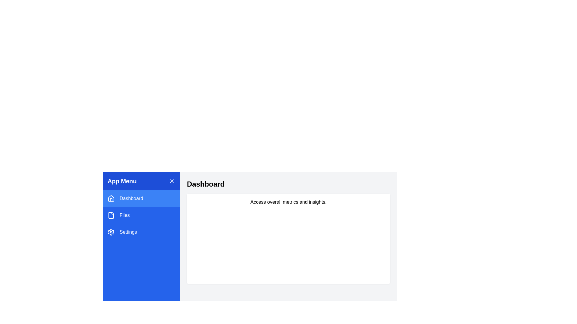  Describe the element at coordinates (141, 232) in the screenshot. I see `the menu item Settings to display its content` at that location.